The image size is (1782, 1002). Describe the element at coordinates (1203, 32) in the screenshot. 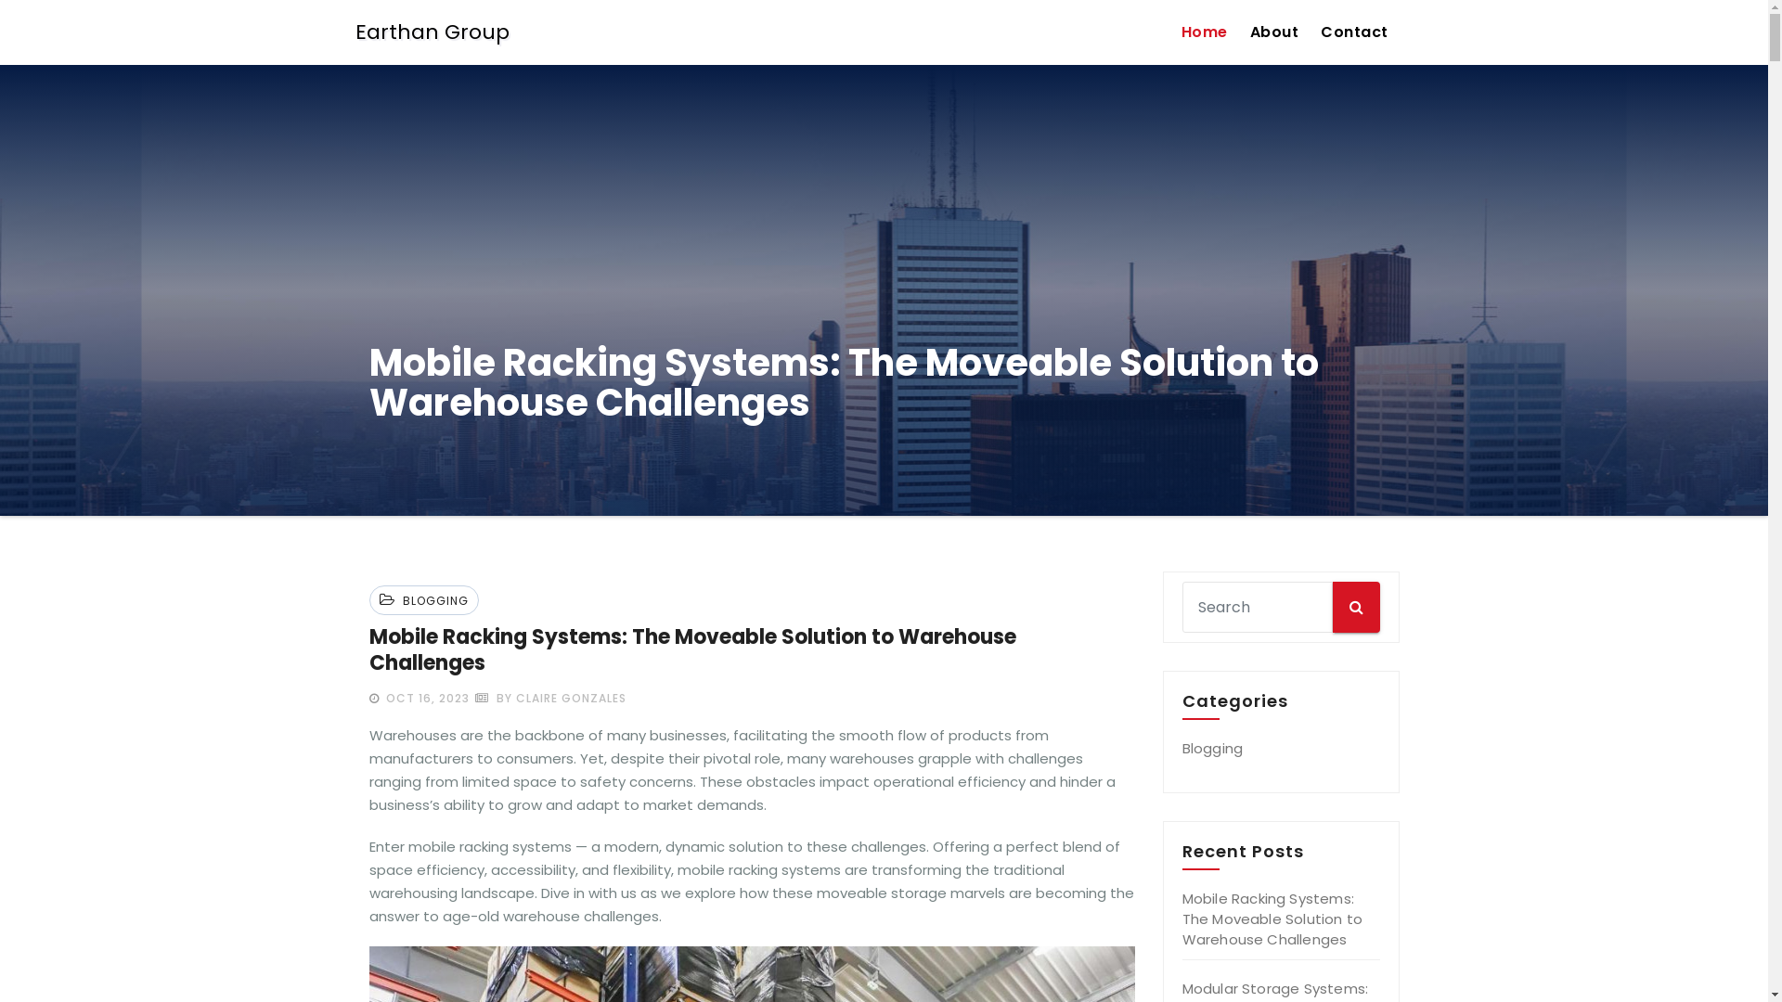

I see `'Home'` at that location.